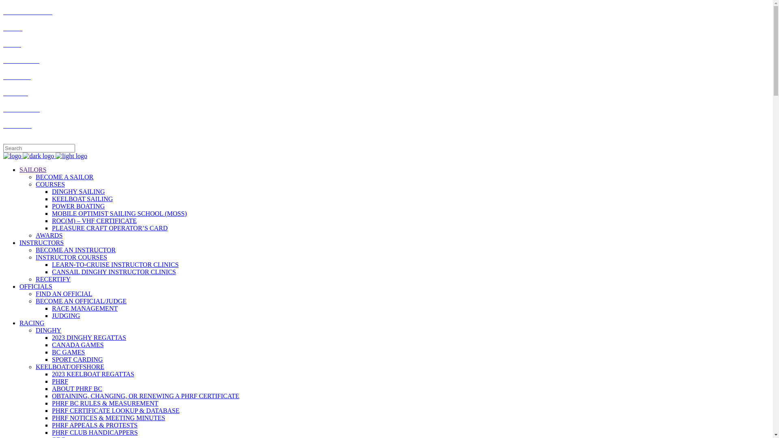  What do you see at coordinates (12, 44) in the screenshot?
I see `'JOBS   '` at bounding box center [12, 44].